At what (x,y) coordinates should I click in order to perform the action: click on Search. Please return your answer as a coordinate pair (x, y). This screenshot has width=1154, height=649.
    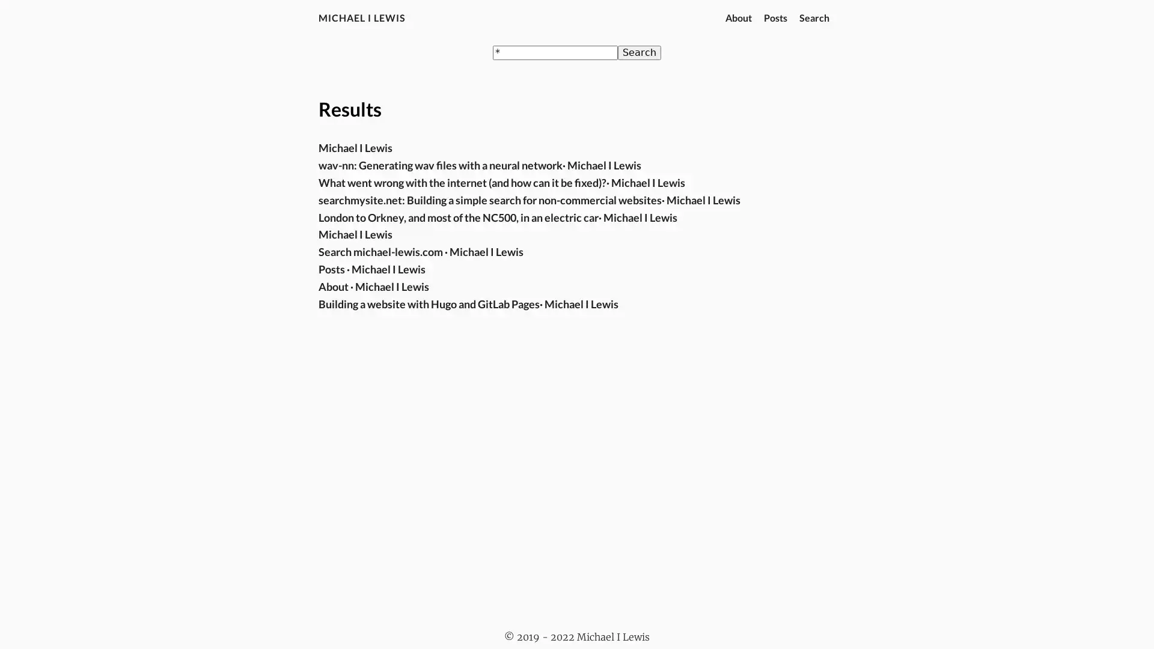
    Looking at the image, I should click on (639, 52).